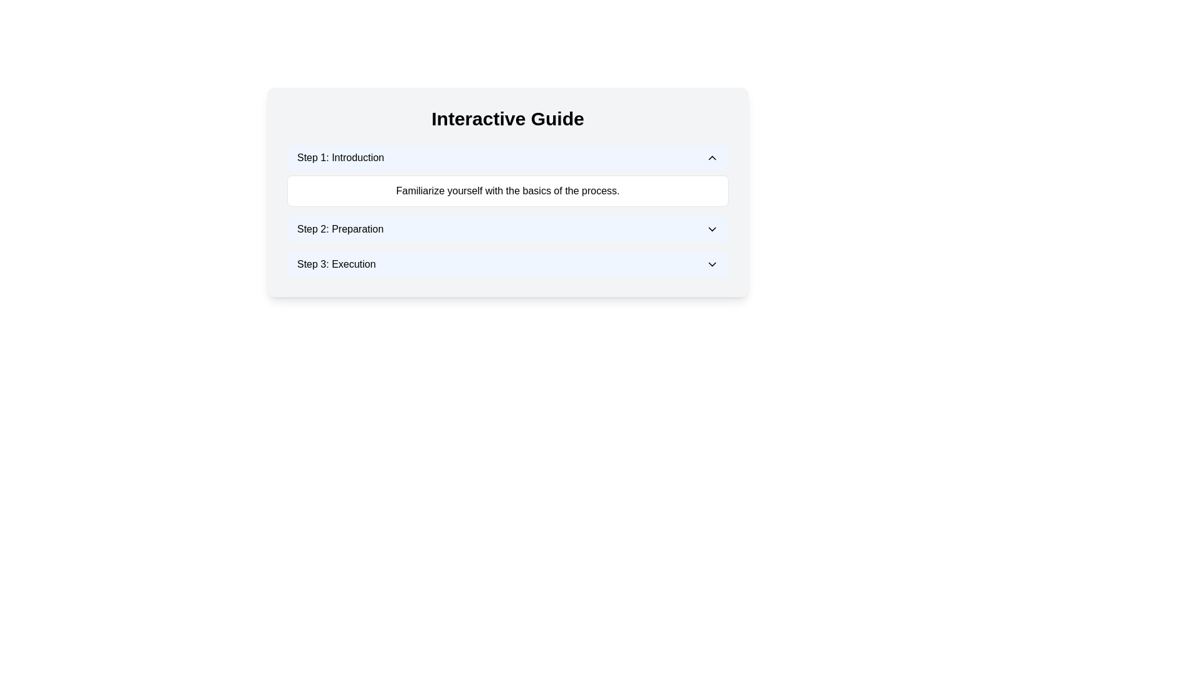 This screenshot has width=1204, height=677. I want to click on the text label displaying 'Step 3: Execution' which indicates progression in the interactive guide, so click(336, 263).